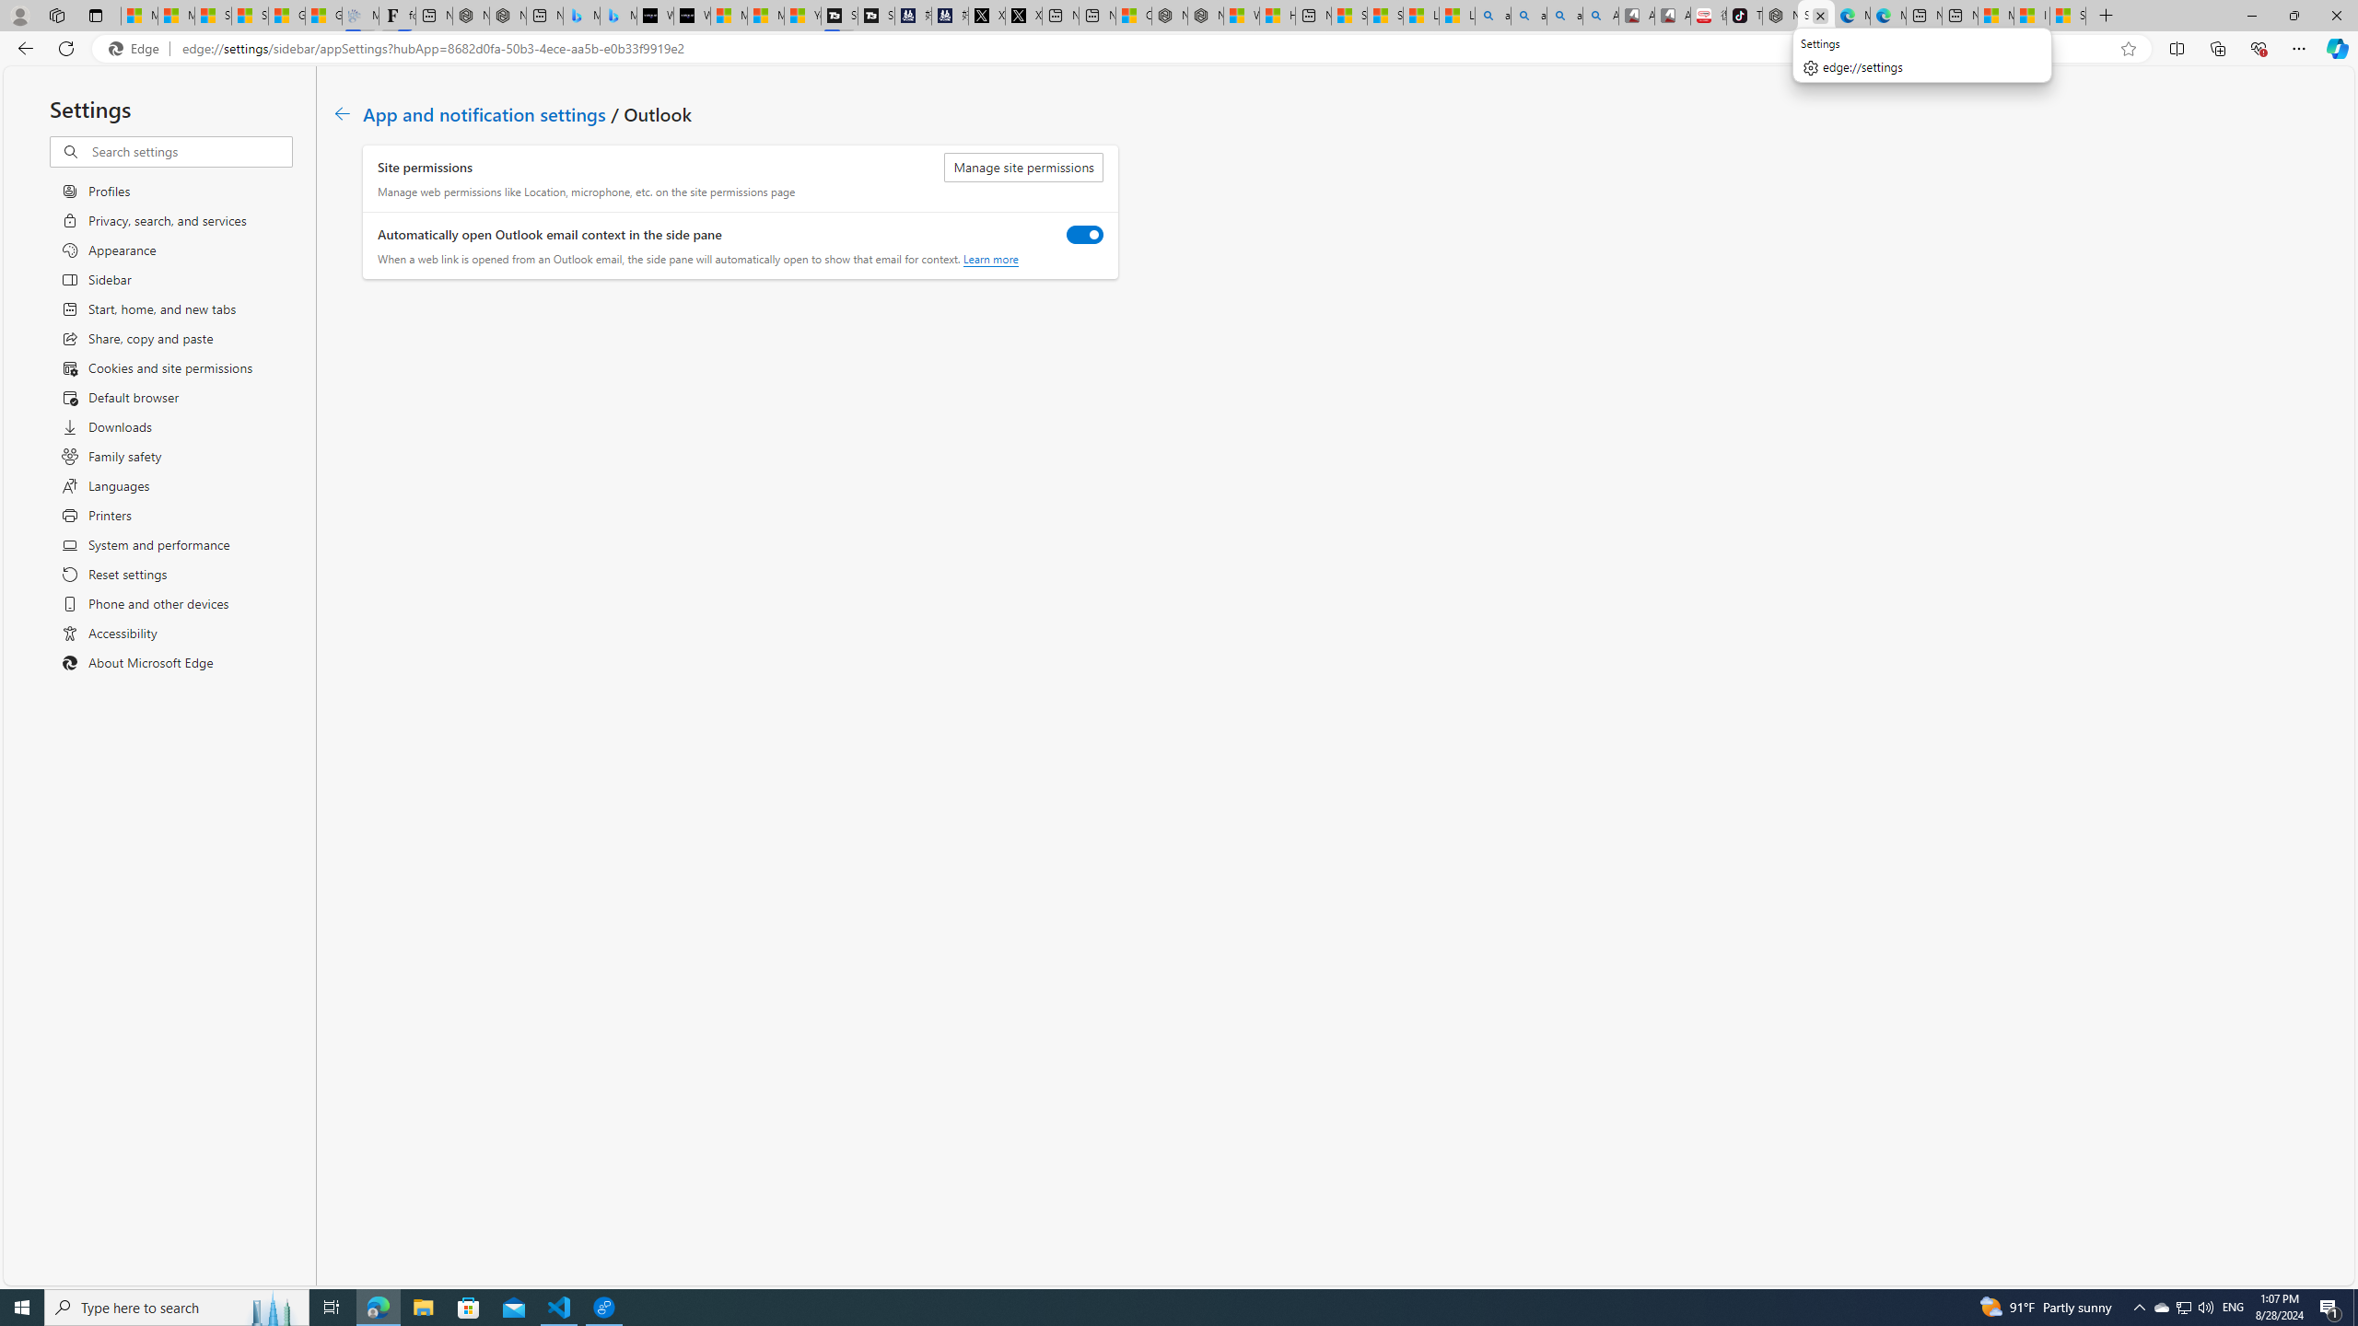 Image resolution: width=2358 pixels, height=1326 pixels. What do you see at coordinates (2031, 15) in the screenshot?
I see `'I Gained 20 Pounds of Muscle in 30 Days! | Watch'` at bounding box center [2031, 15].